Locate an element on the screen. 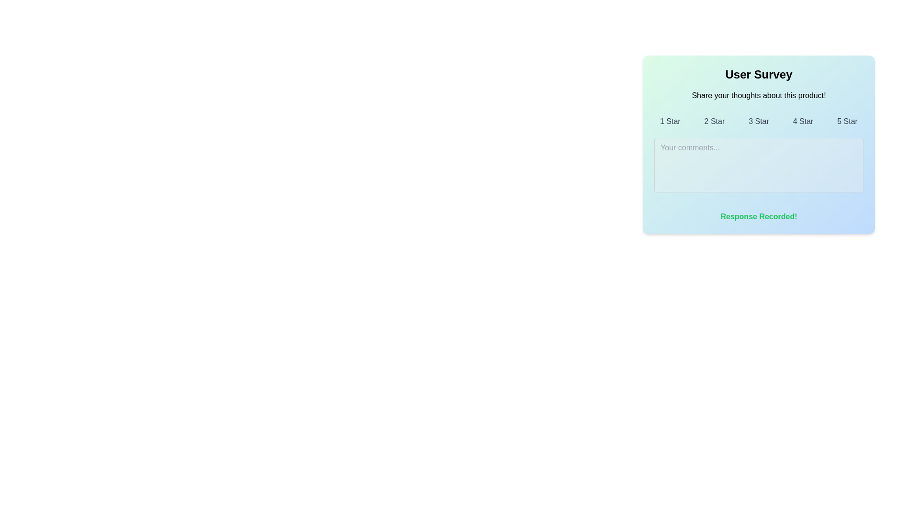  the static text label reading 'Response Recorded!' styled in green at the bottom of the user survey section is located at coordinates (758, 216).